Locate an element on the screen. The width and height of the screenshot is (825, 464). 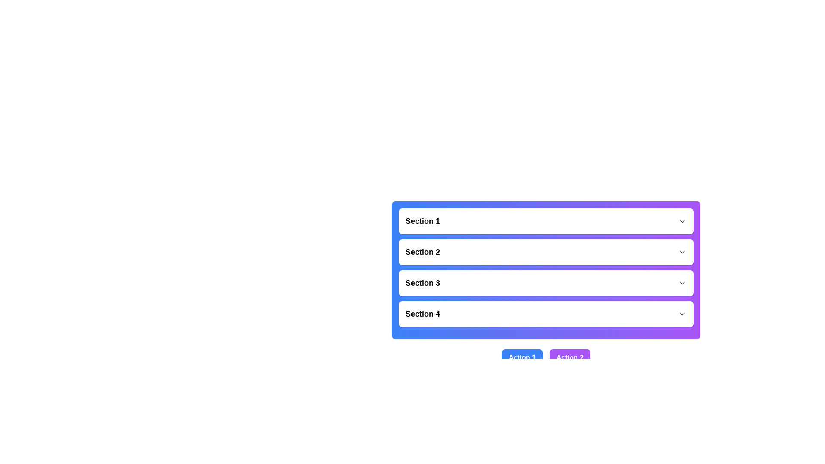
the Text Label that indicates the title of the first section in the vertical list, which is aligned to the left and has an icon on the far right is located at coordinates (422, 221).